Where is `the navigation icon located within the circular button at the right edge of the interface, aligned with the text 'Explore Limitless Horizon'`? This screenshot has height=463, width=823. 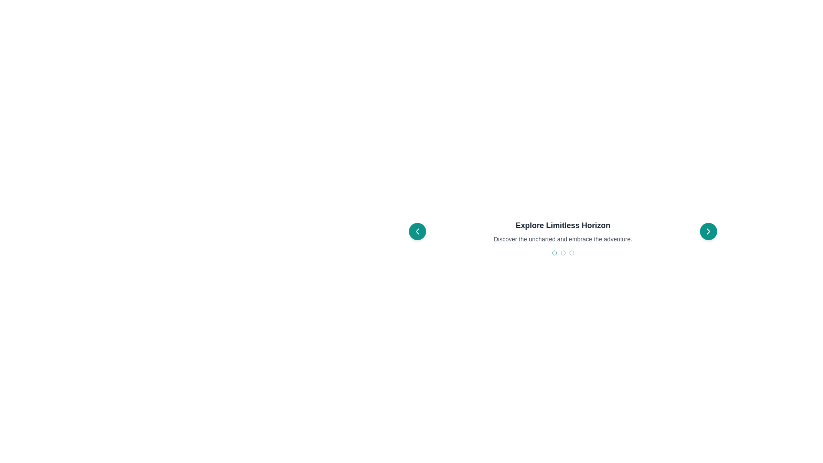 the navigation icon located within the circular button at the right edge of the interface, aligned with the text 'Explore Limitless Horizon' is located at coordinates (709, 231).